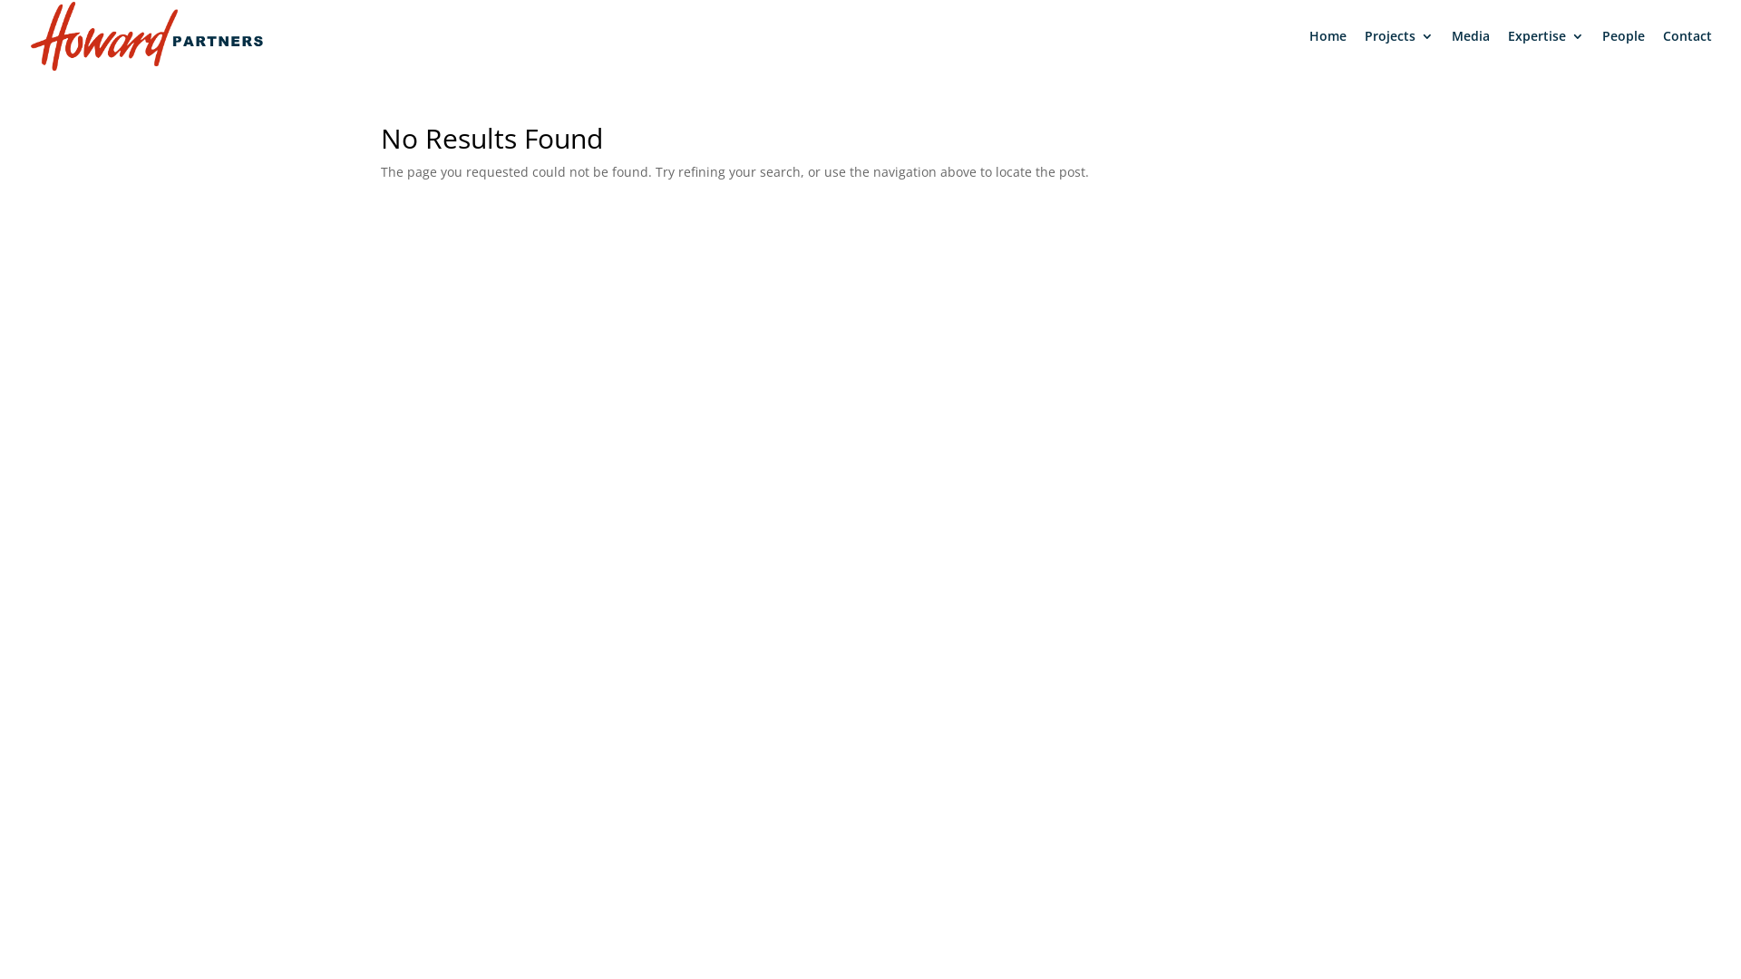 The width and height of the screenshot is (1741, 979). What do you see at coordinates (1687, 50) in the screenshot?
I see `'Contact'` at bounding box center [1687, 50].